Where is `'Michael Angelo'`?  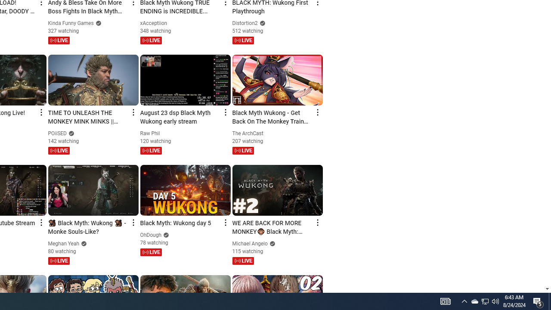 'Michael Angelo' is located at coordinates (250, 244).